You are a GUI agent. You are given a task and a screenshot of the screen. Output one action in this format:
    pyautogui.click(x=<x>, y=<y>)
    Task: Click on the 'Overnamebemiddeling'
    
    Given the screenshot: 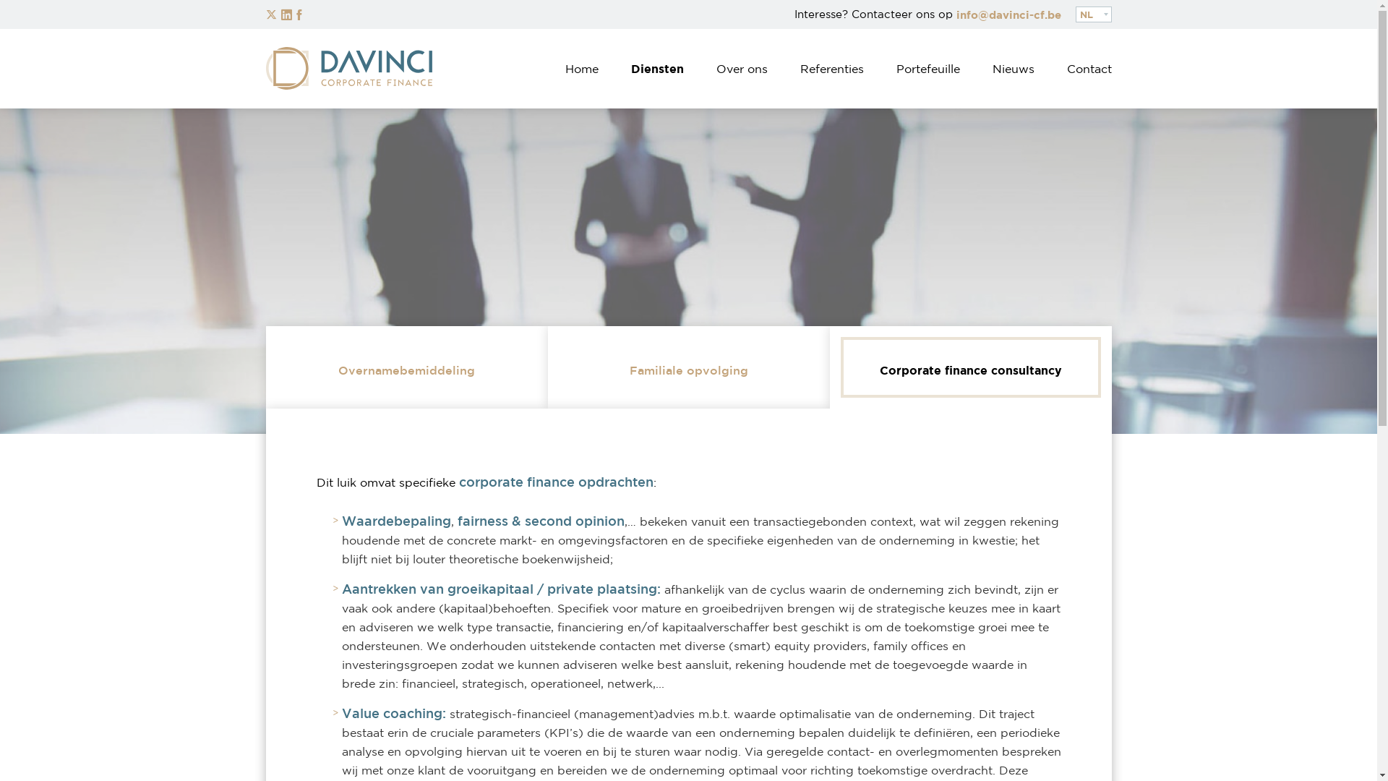 What is the action you would take?
    pyautogui.click(x=406, y=367)
    